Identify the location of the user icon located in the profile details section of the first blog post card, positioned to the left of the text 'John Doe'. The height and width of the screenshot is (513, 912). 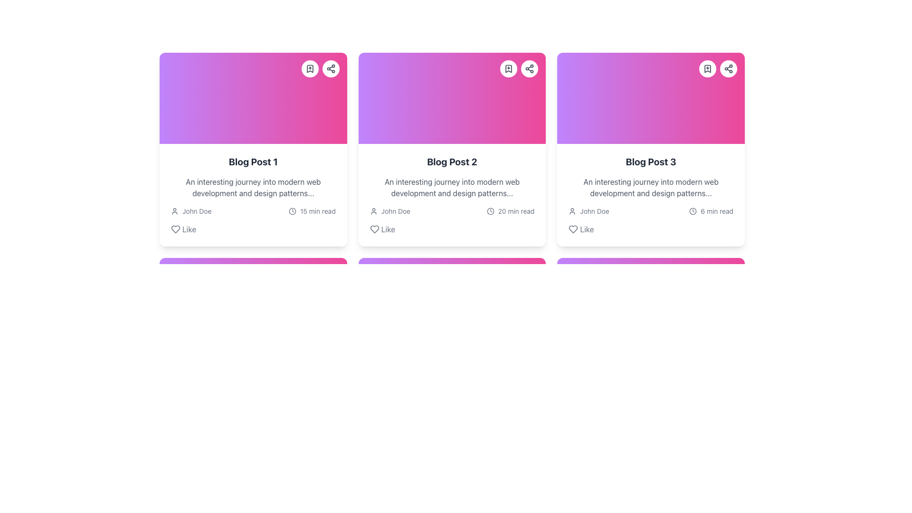
(175, 210).